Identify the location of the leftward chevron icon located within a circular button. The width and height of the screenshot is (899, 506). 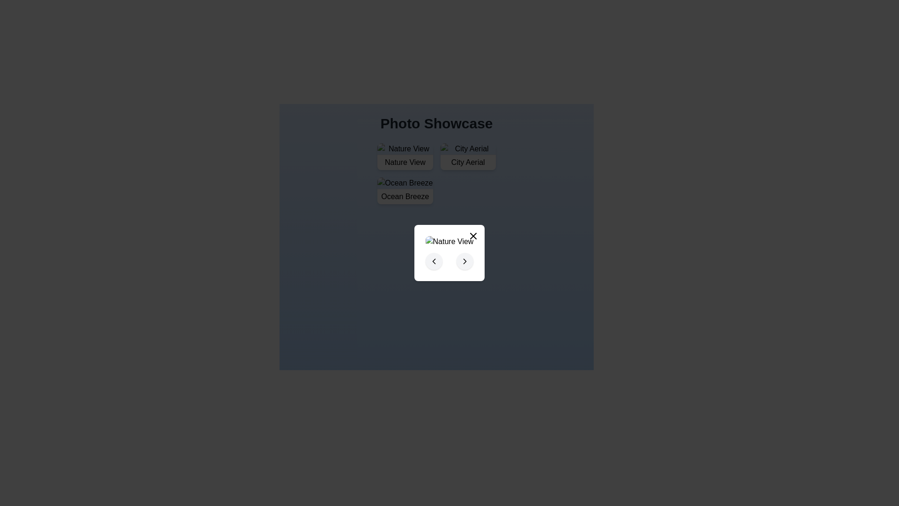
(433, 261).